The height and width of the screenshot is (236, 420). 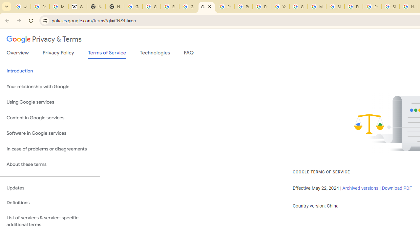 I want to click on 'YouTube', so click(x=280, y=7).